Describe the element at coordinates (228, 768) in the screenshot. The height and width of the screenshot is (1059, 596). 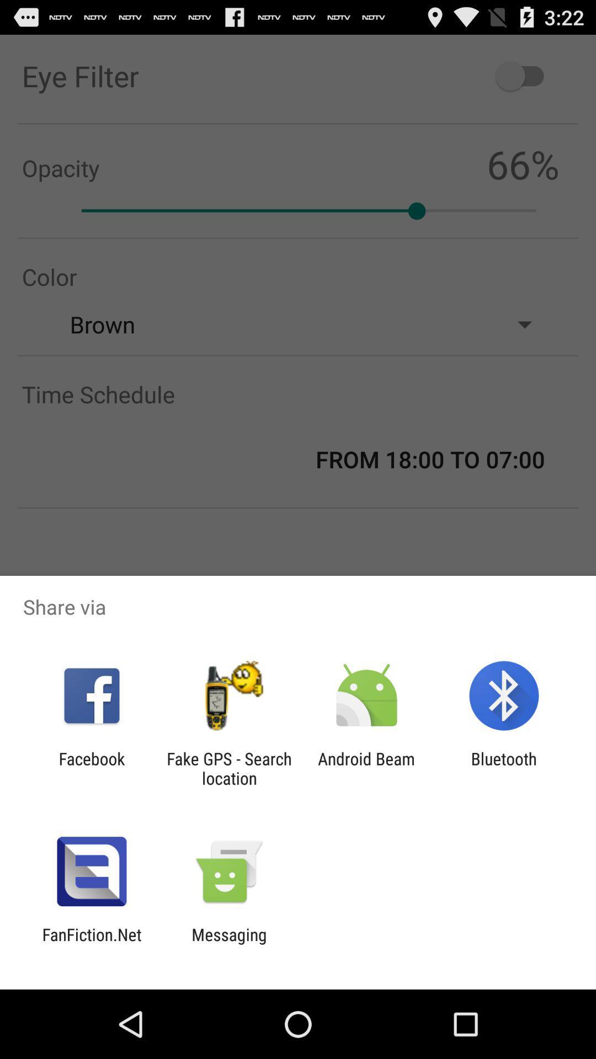
I see `icon next to the android beam app` at that location.